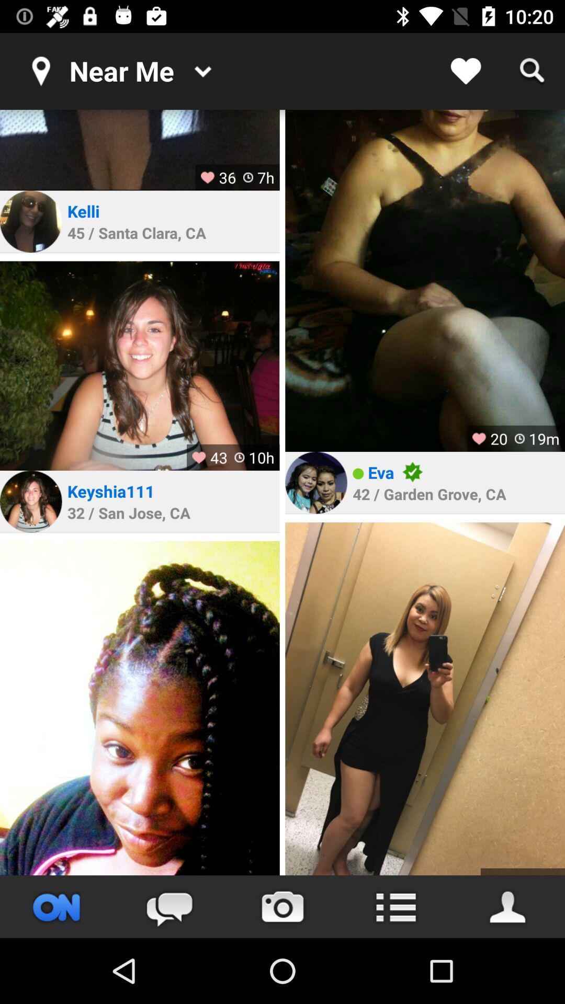 The width and height of the screenshot is (565, 1004). What do you see at coordinates (56, 906) in the screenshot?
I see `turn on location` at bounding box center [56, 906].